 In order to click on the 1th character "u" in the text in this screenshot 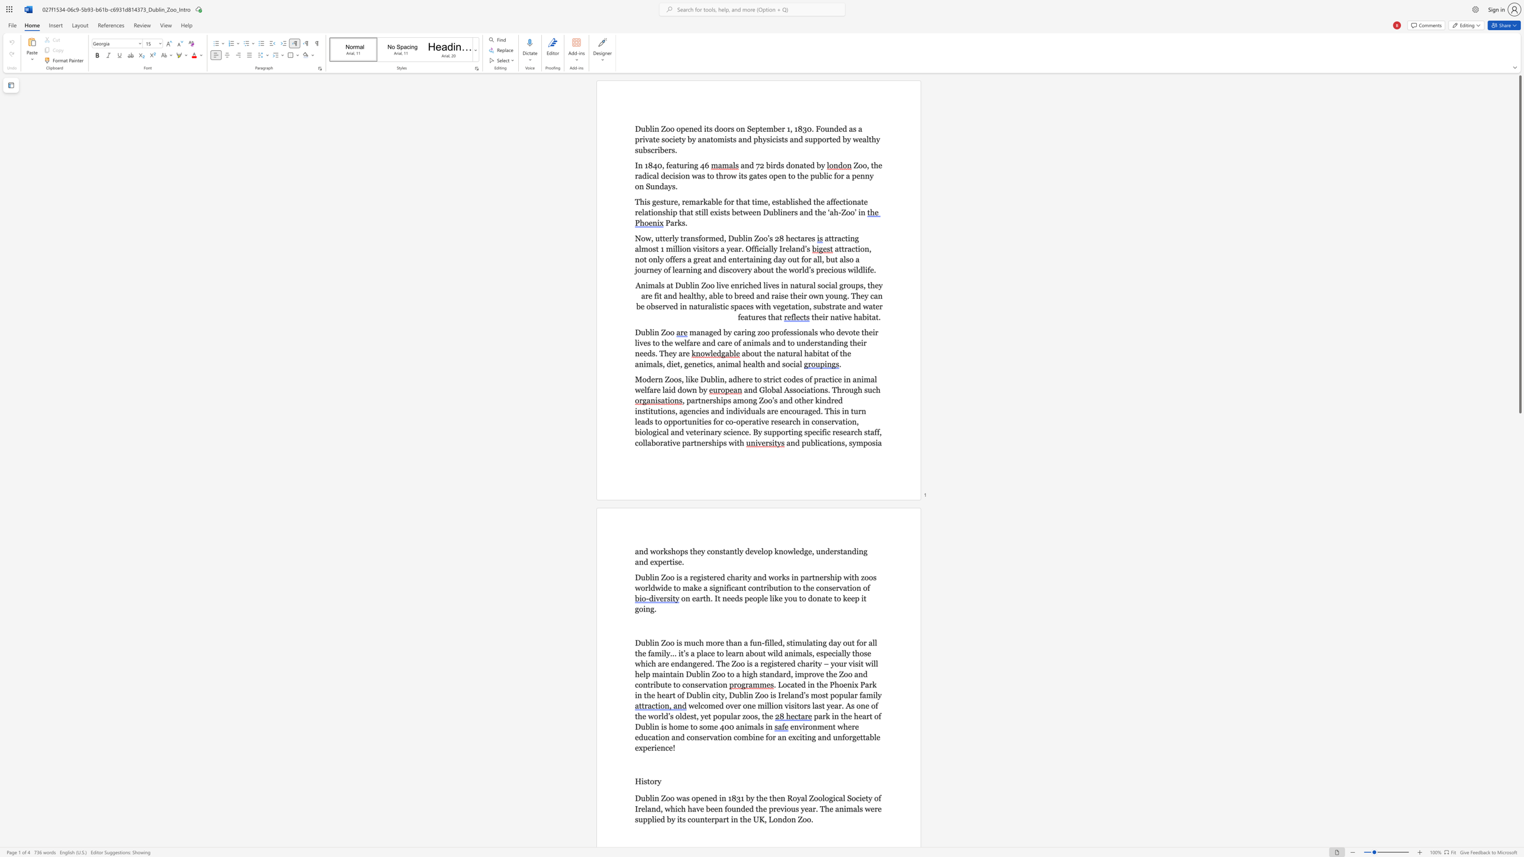, I will do `click(851, 390)`.